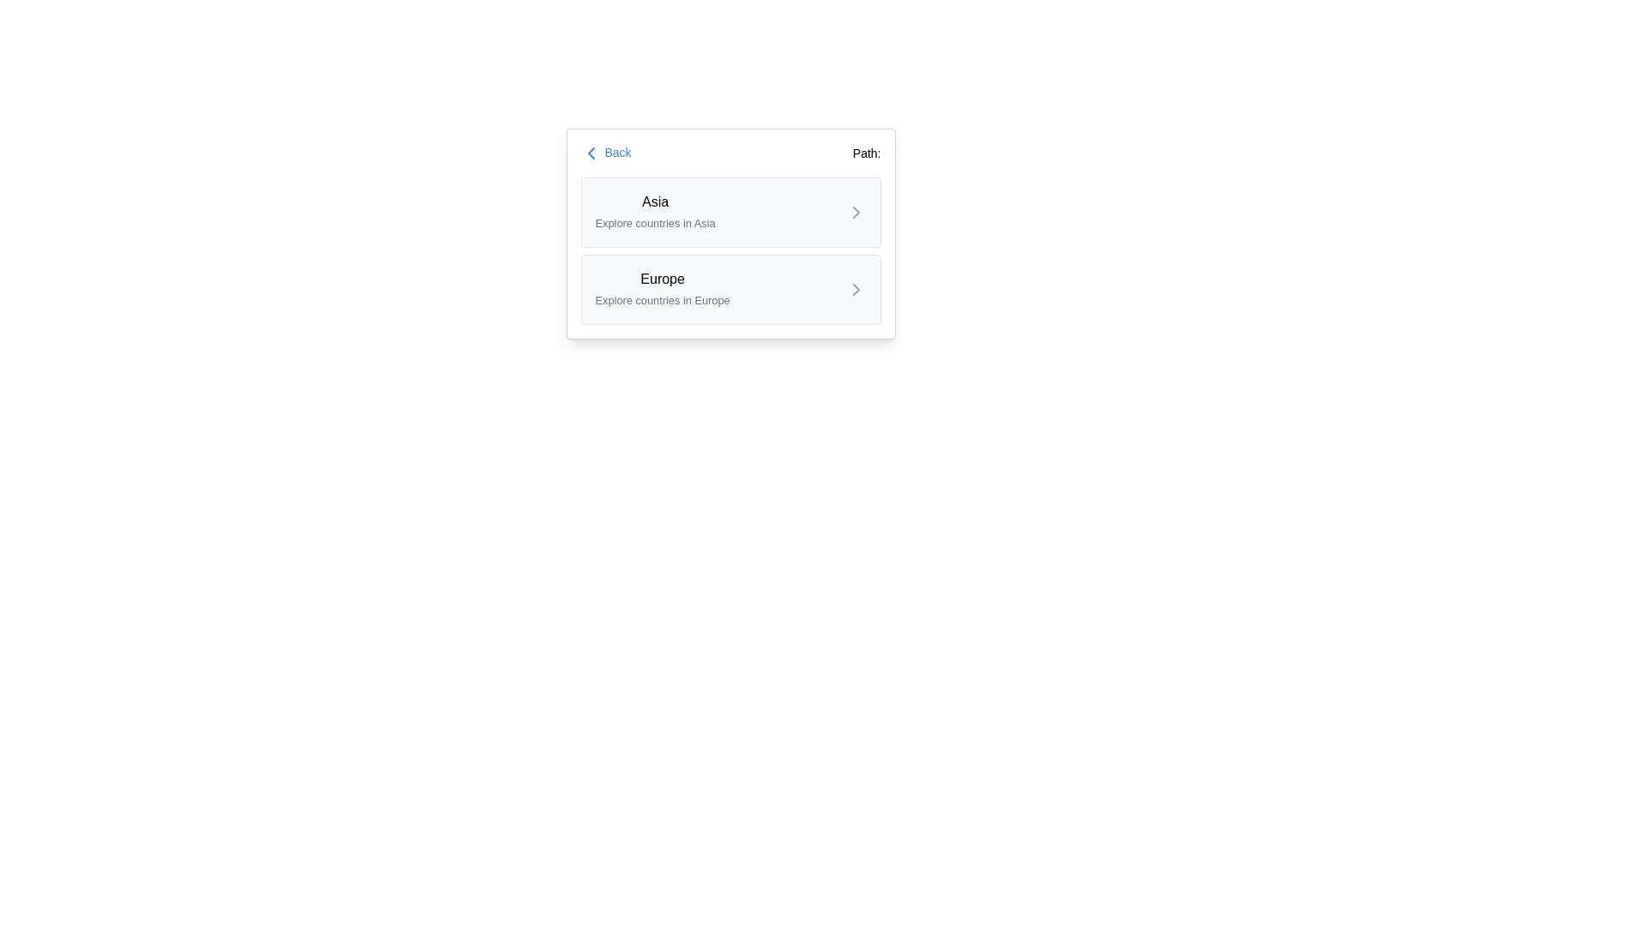 This screenshot has height=926, width=1646. What do you see at coordinates (591, 152) in the screenshot?
I see `the back navigation icon located at the top left corner of the card interface layout` at bounding box center [591, 152].